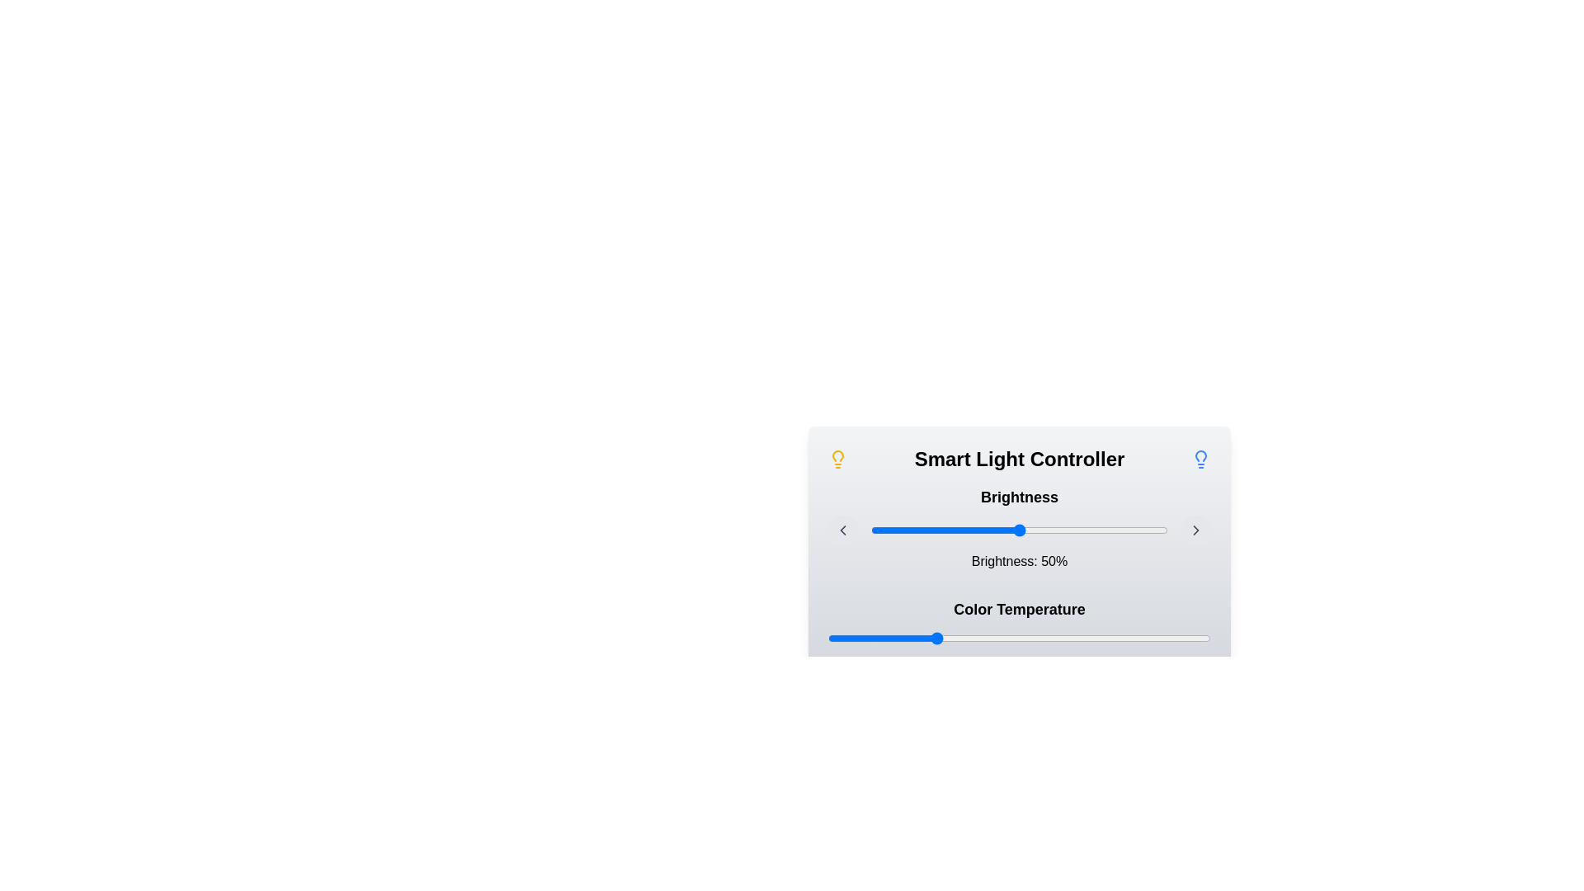  I want to click on the color temperature, so click(1033, 638).